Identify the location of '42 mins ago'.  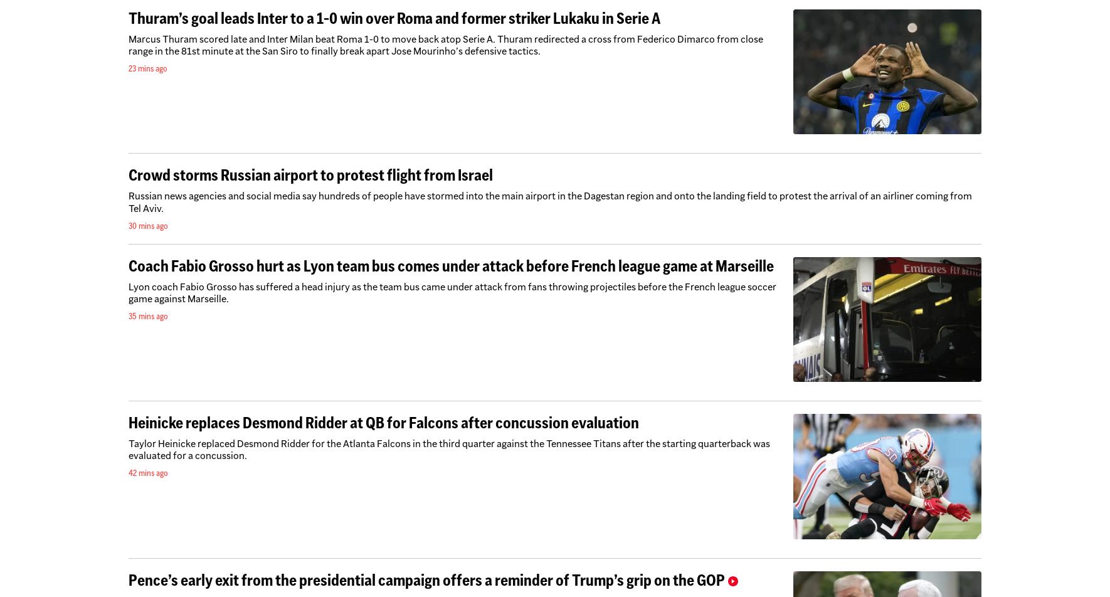
(148, 472).